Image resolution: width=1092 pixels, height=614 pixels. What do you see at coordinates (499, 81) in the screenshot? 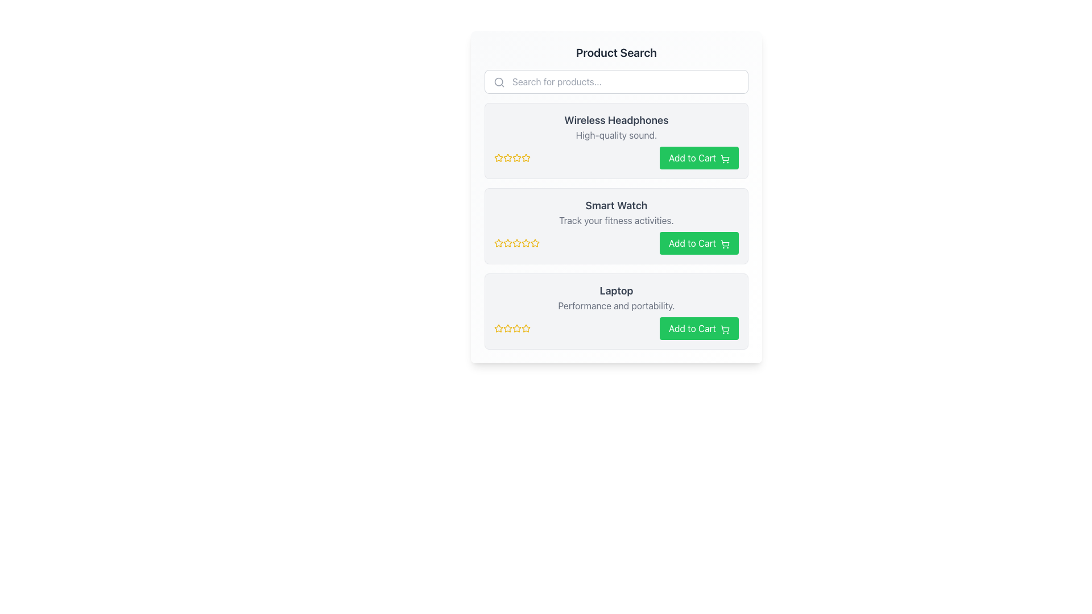
I see `the circular part of the magnifying glass icon located at the far left of the search input field` at bounding box center [499, 81].